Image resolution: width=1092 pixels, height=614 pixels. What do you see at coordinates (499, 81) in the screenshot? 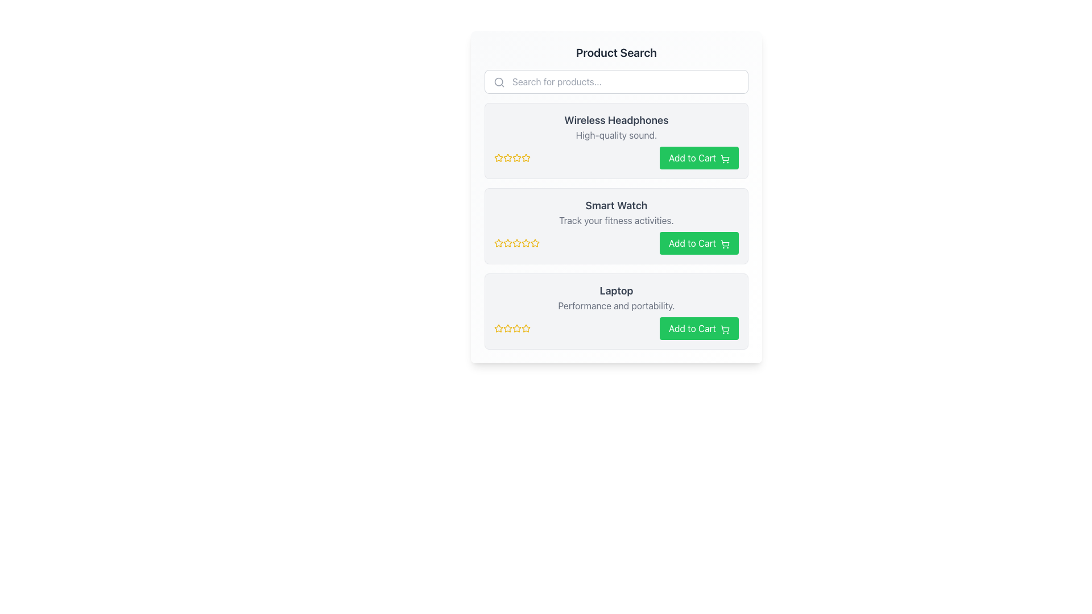
I see `the circular part of the magnifying glass icon located at the far left of the search input field` at bounding box center [499, 81].